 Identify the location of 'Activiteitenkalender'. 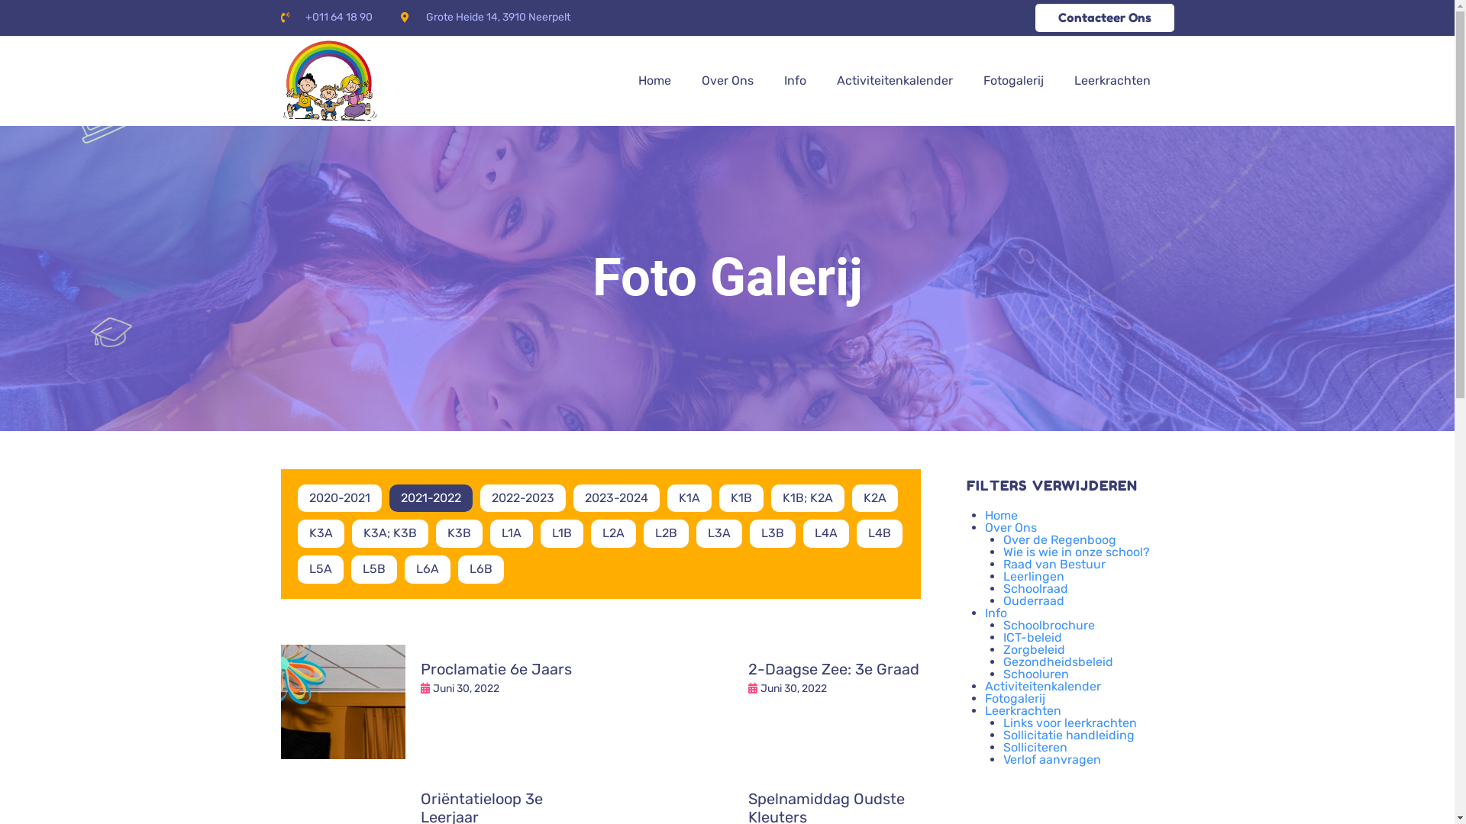
(985, 685).